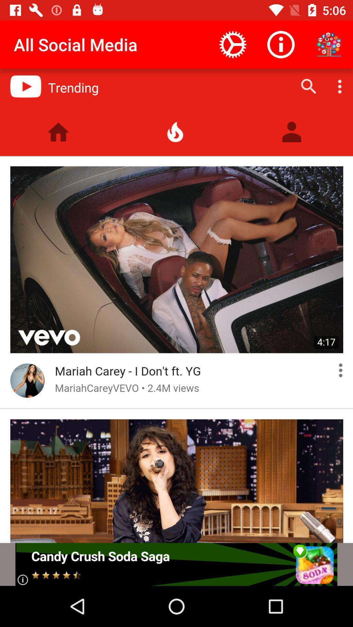 The width and height of the screenshot is (353, 627). What do you see at coordinates (176, 305) in the screenshot?
I see `trending videos` at bounding box center [176, 305].